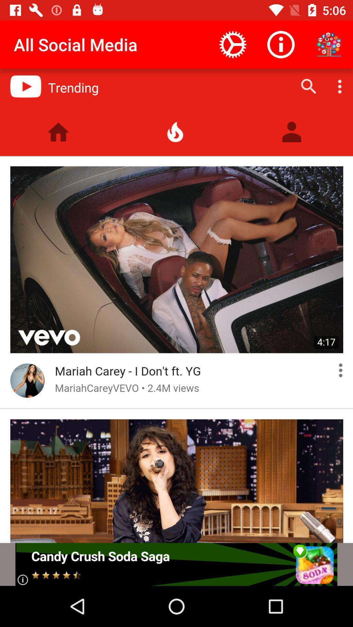 The width and height of the screenshot is (353, 627). What do you see at coordinates (176, 305) in the screenshot?
I see `trending videos` at bounding box center [176, 305].